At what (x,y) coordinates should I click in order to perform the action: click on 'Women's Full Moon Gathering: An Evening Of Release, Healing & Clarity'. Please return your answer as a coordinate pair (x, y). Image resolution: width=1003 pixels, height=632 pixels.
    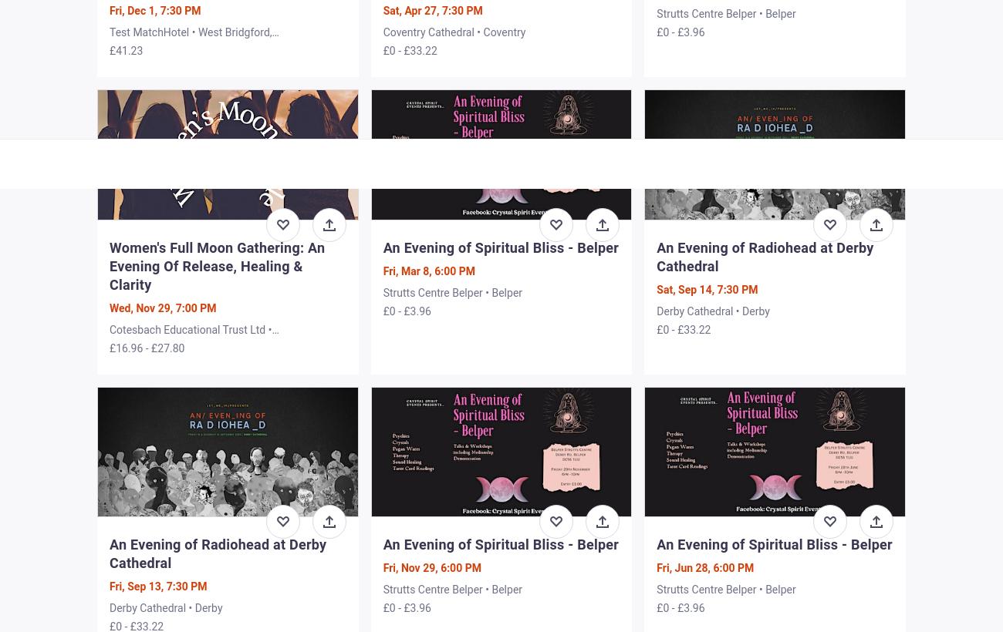
    Looking at the image, I should click on (217, 264).